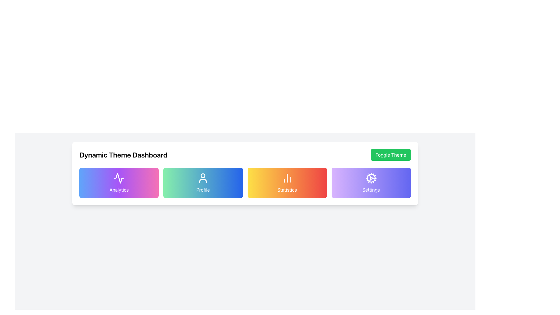  What do you see at coordinates (371, 178) in the screenshot?
I see `the cogwheel icon with a white color and gear teeth details, located on the 'Settings' card in the rightmost position` at bounding box center [371, 178].